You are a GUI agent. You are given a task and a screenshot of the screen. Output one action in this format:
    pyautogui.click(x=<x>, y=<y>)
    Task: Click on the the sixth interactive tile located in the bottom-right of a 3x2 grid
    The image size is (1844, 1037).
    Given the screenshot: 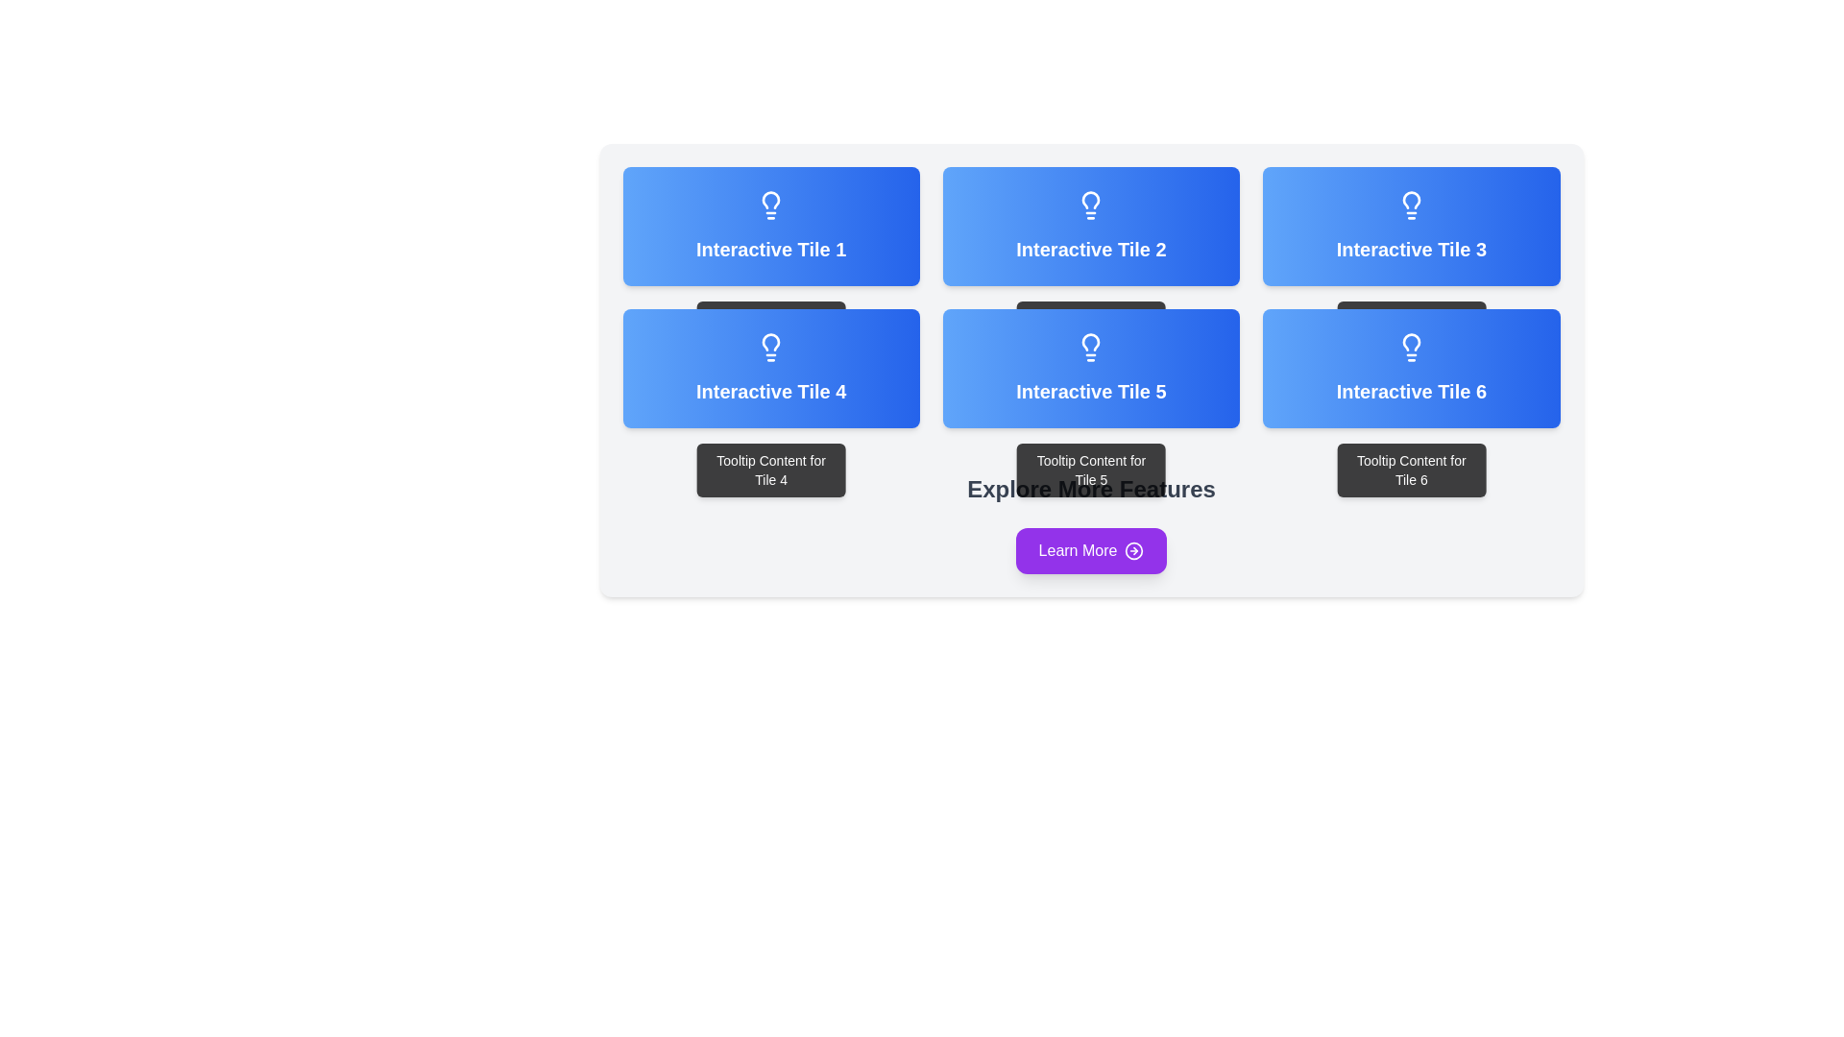 What is the action you would take?
    pyautogui.click(x=1411, y=369)
    